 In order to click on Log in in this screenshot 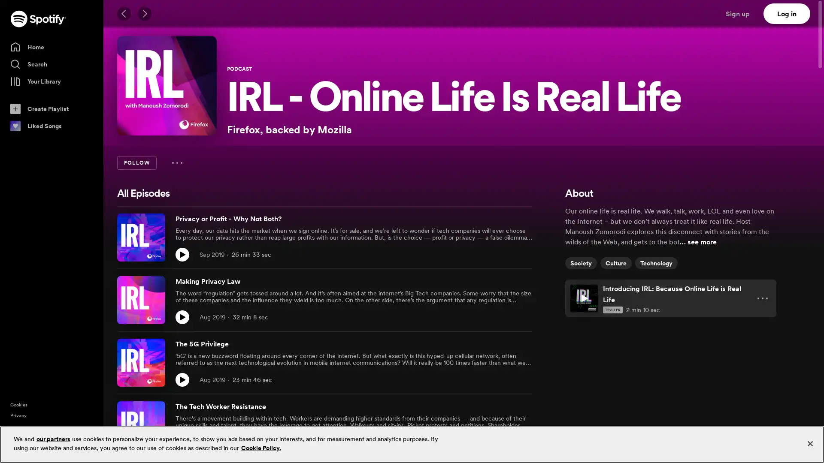, I will do `click(787, 13)`.